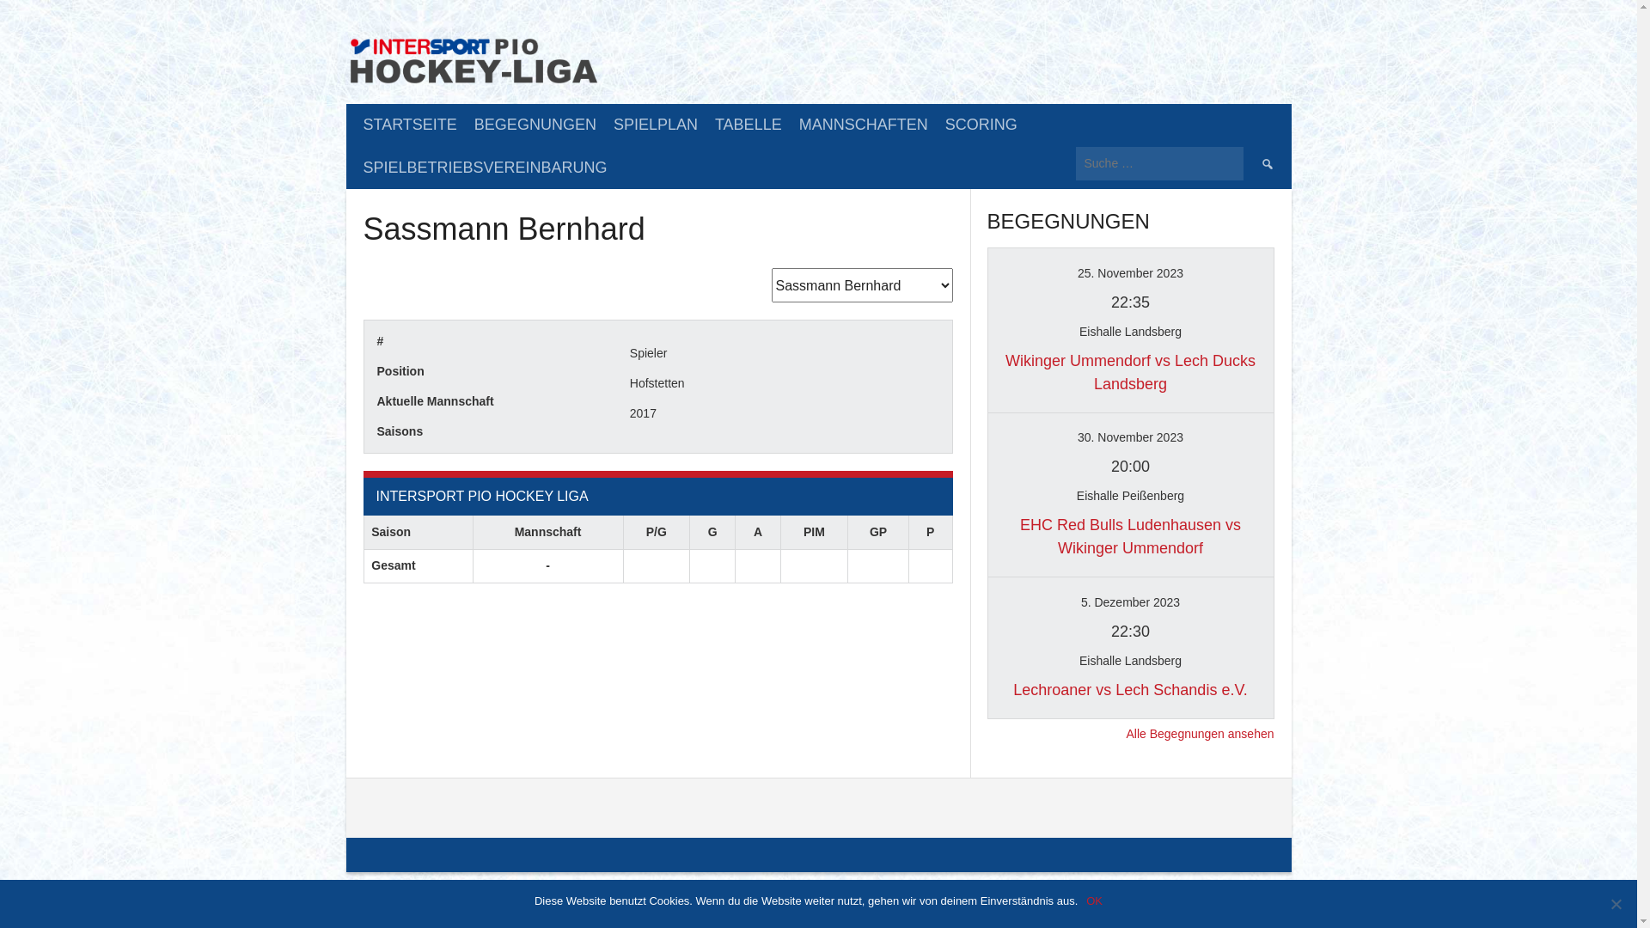  Describe the element at coordinates (1130, 272) in the screenshot. I see `'25. November 2023'` at that location.